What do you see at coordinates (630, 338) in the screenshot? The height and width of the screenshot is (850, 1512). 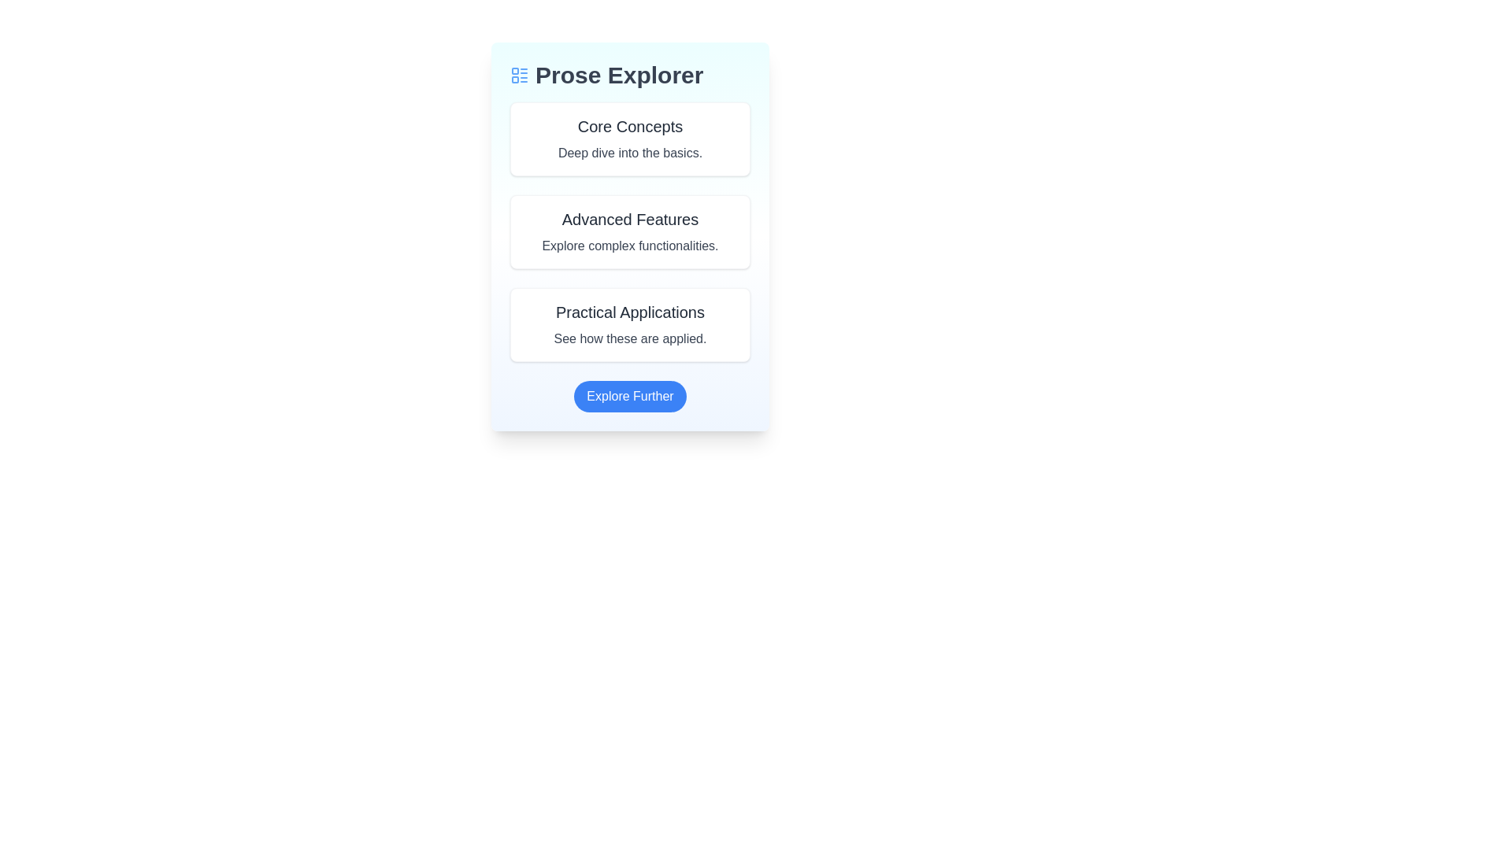 I see `the text element that reads 'See how these are applied.', which is styled in gray and positioned below the heading 'Practical Applications'` at bounding box center [630, 338].